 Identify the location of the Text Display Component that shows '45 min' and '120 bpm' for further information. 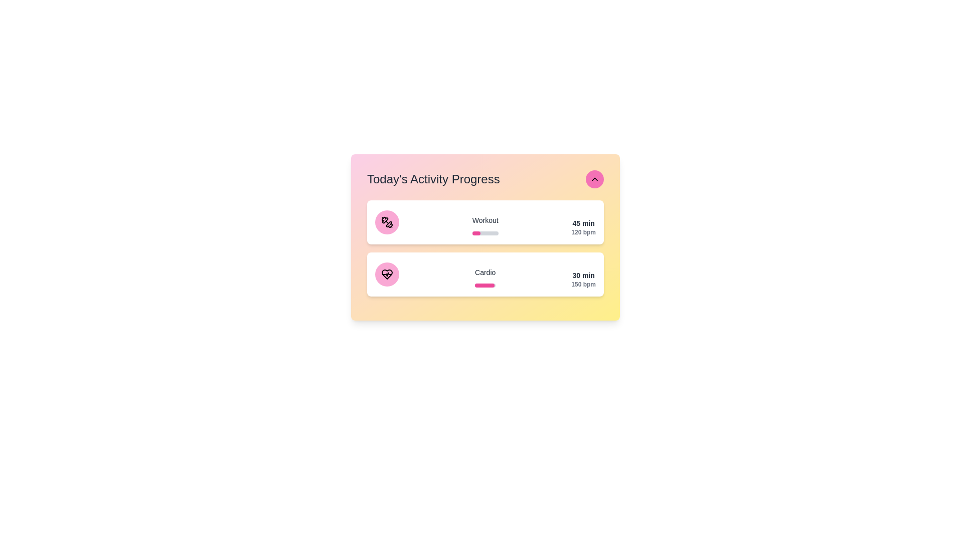
(583, 225).